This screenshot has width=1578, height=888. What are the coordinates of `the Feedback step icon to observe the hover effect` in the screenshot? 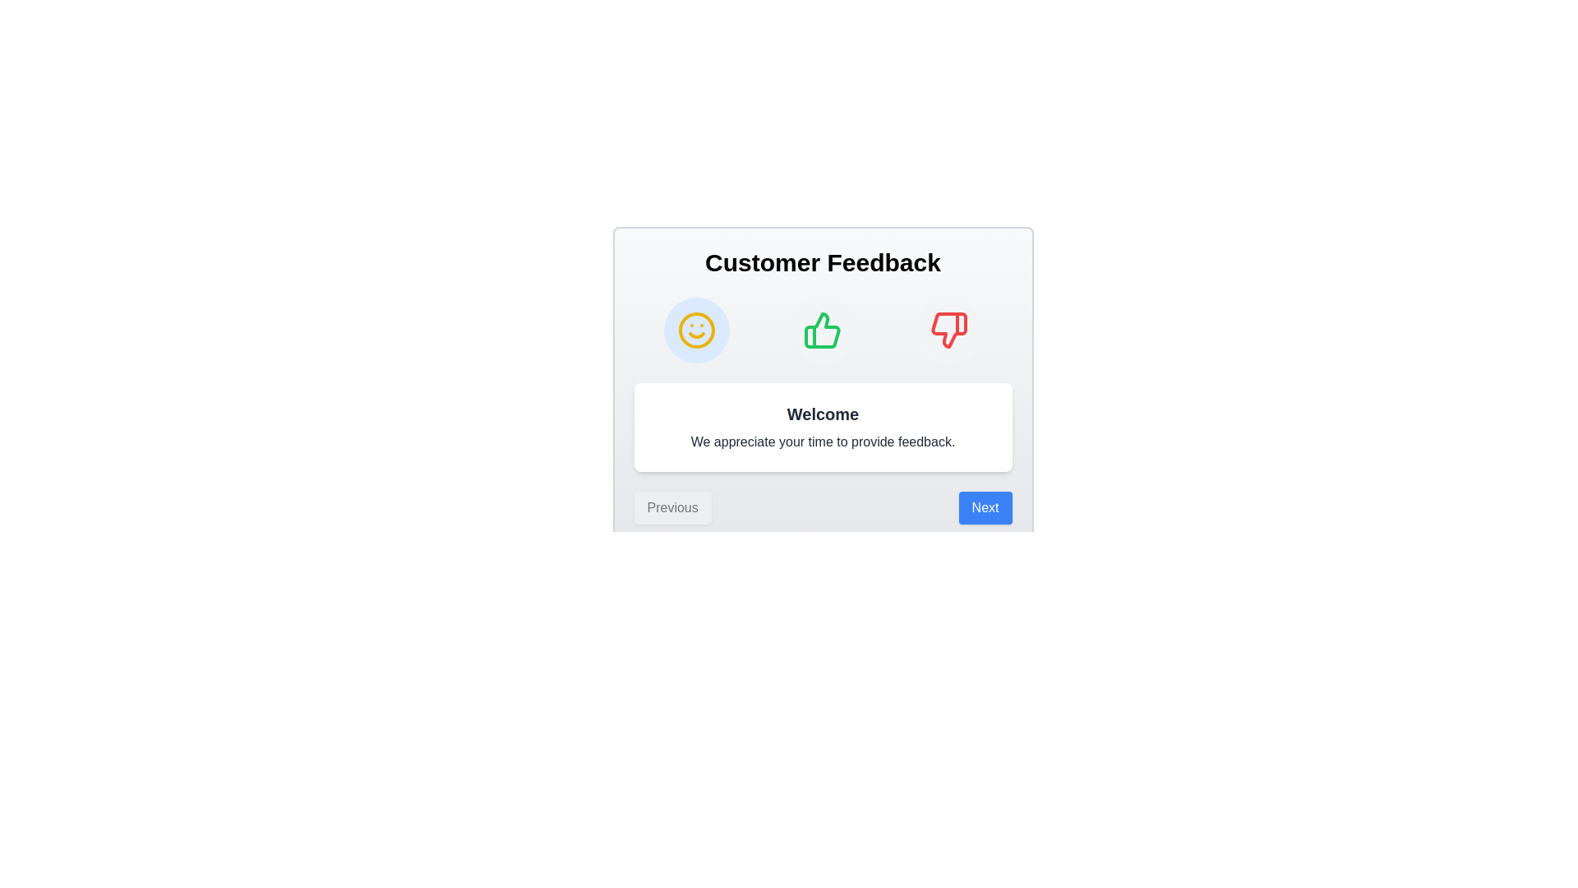 It's located at (948, 330).